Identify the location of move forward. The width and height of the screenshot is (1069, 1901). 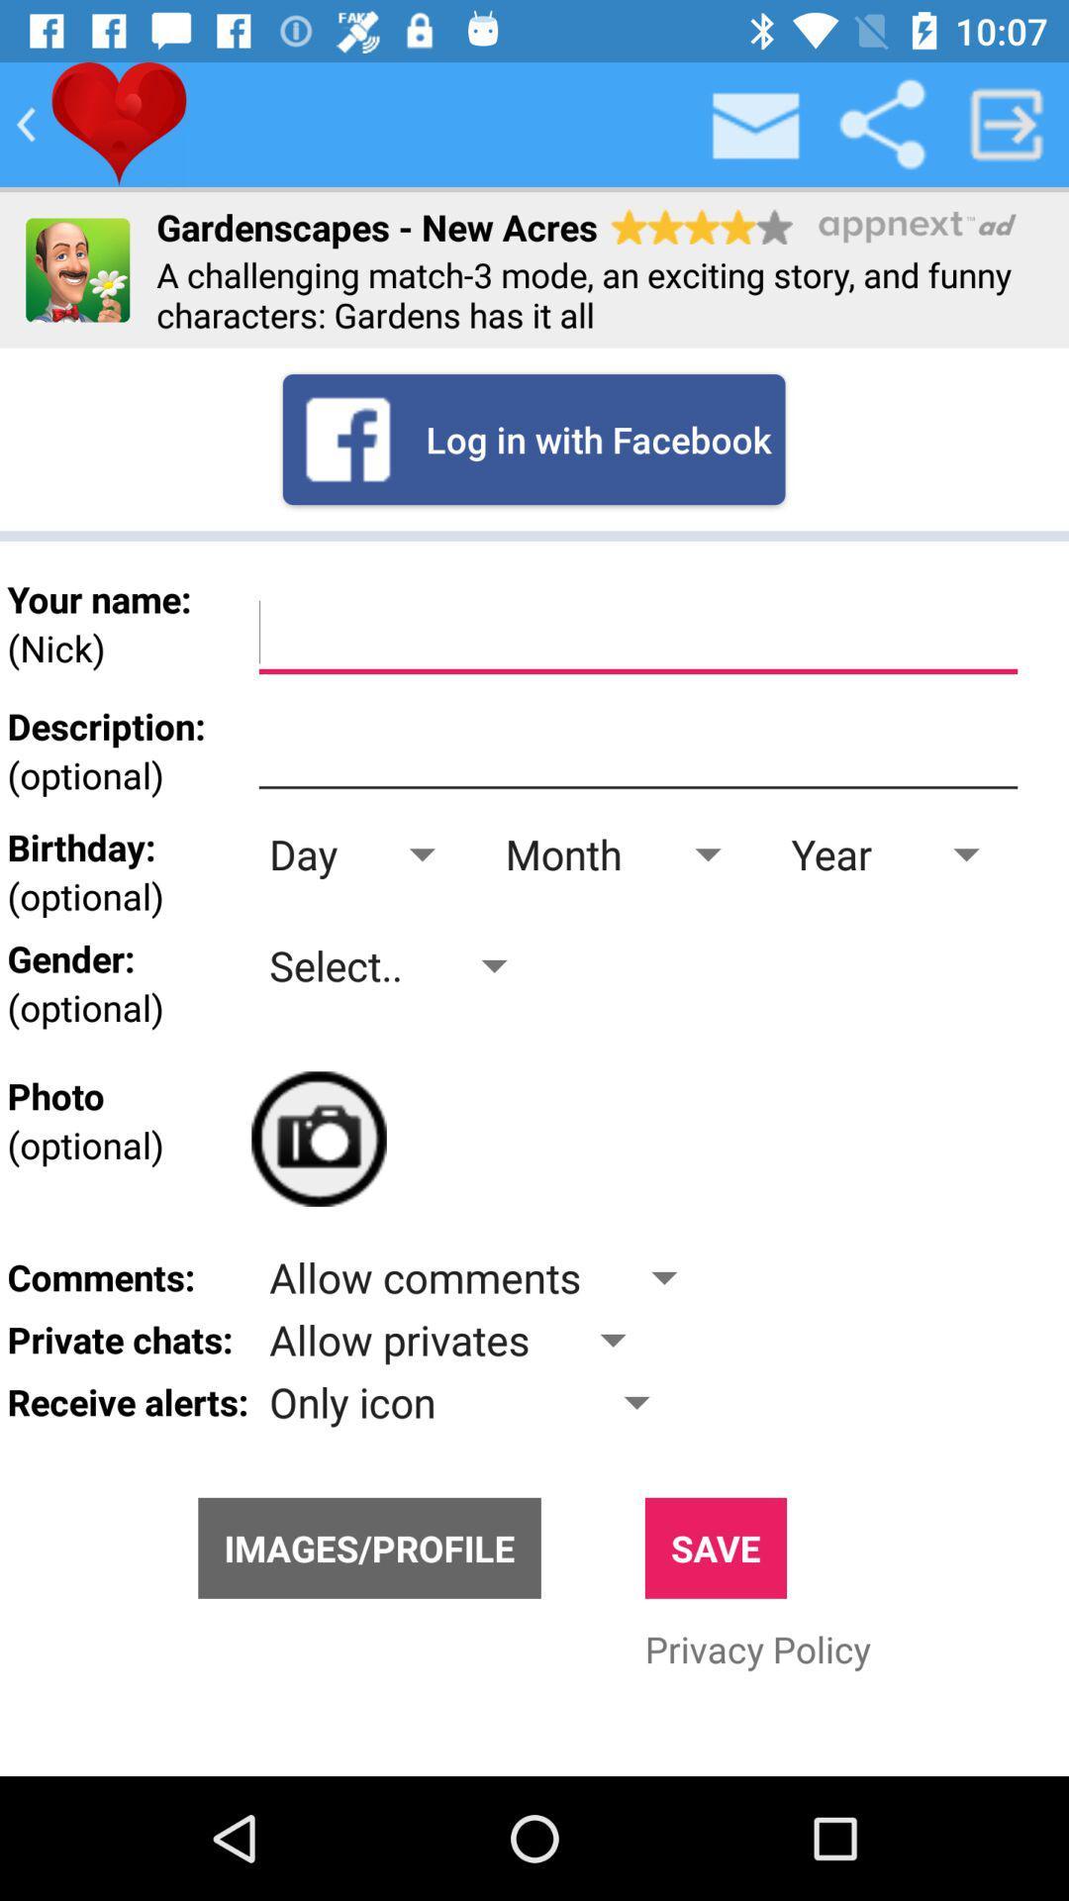
(1007, 123).